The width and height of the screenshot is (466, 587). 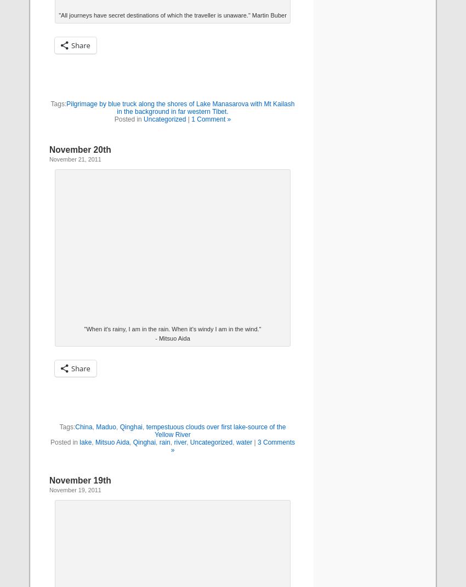 I want to click on 'river', so click(x=180, y=441).